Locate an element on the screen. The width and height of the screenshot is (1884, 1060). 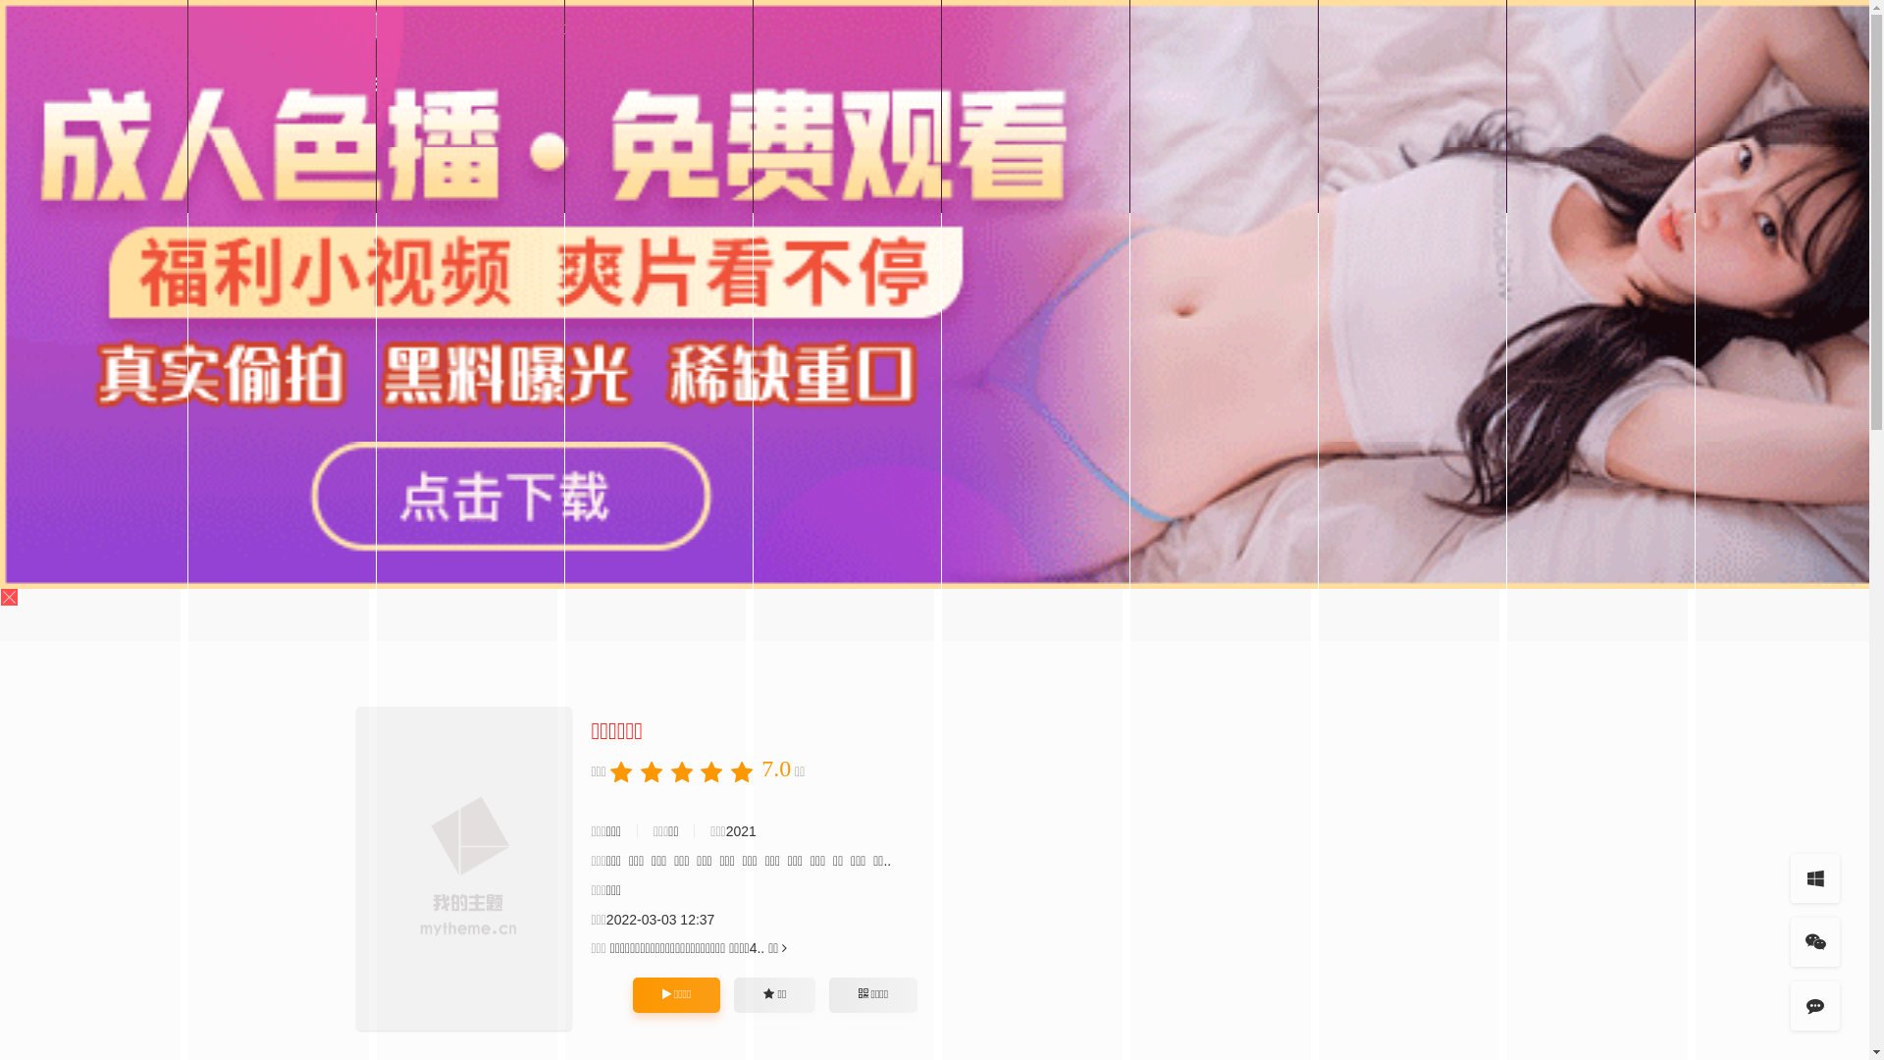
'2021' is located at coordinates (740, 831).